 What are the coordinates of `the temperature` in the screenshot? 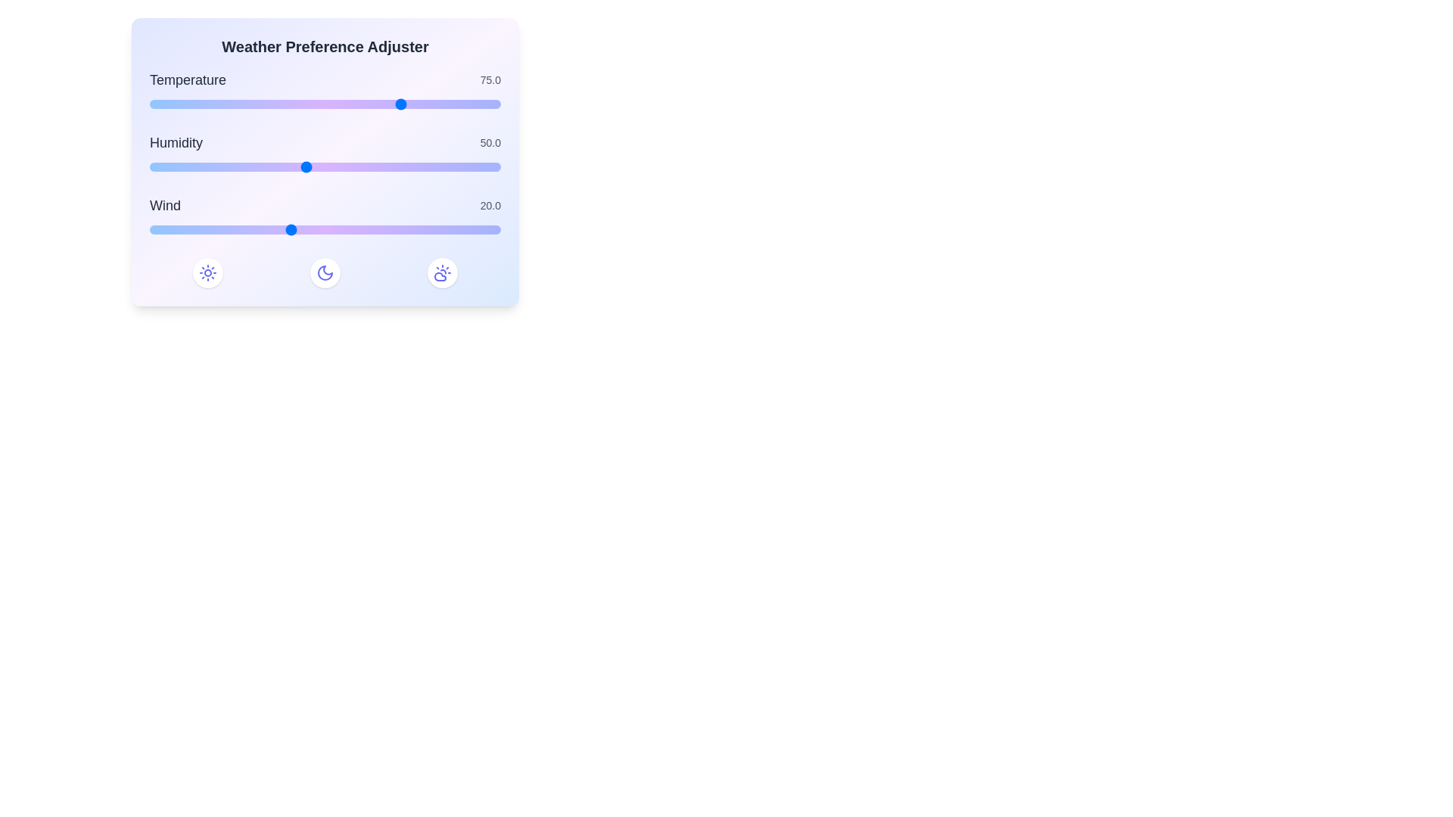 It's located at (387, 104).